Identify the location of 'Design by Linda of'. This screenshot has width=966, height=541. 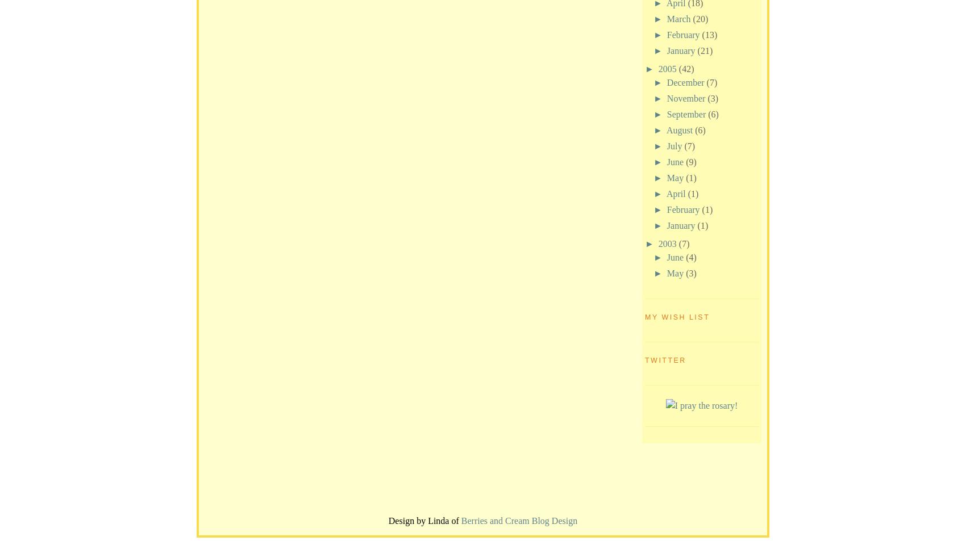
(423, 521).